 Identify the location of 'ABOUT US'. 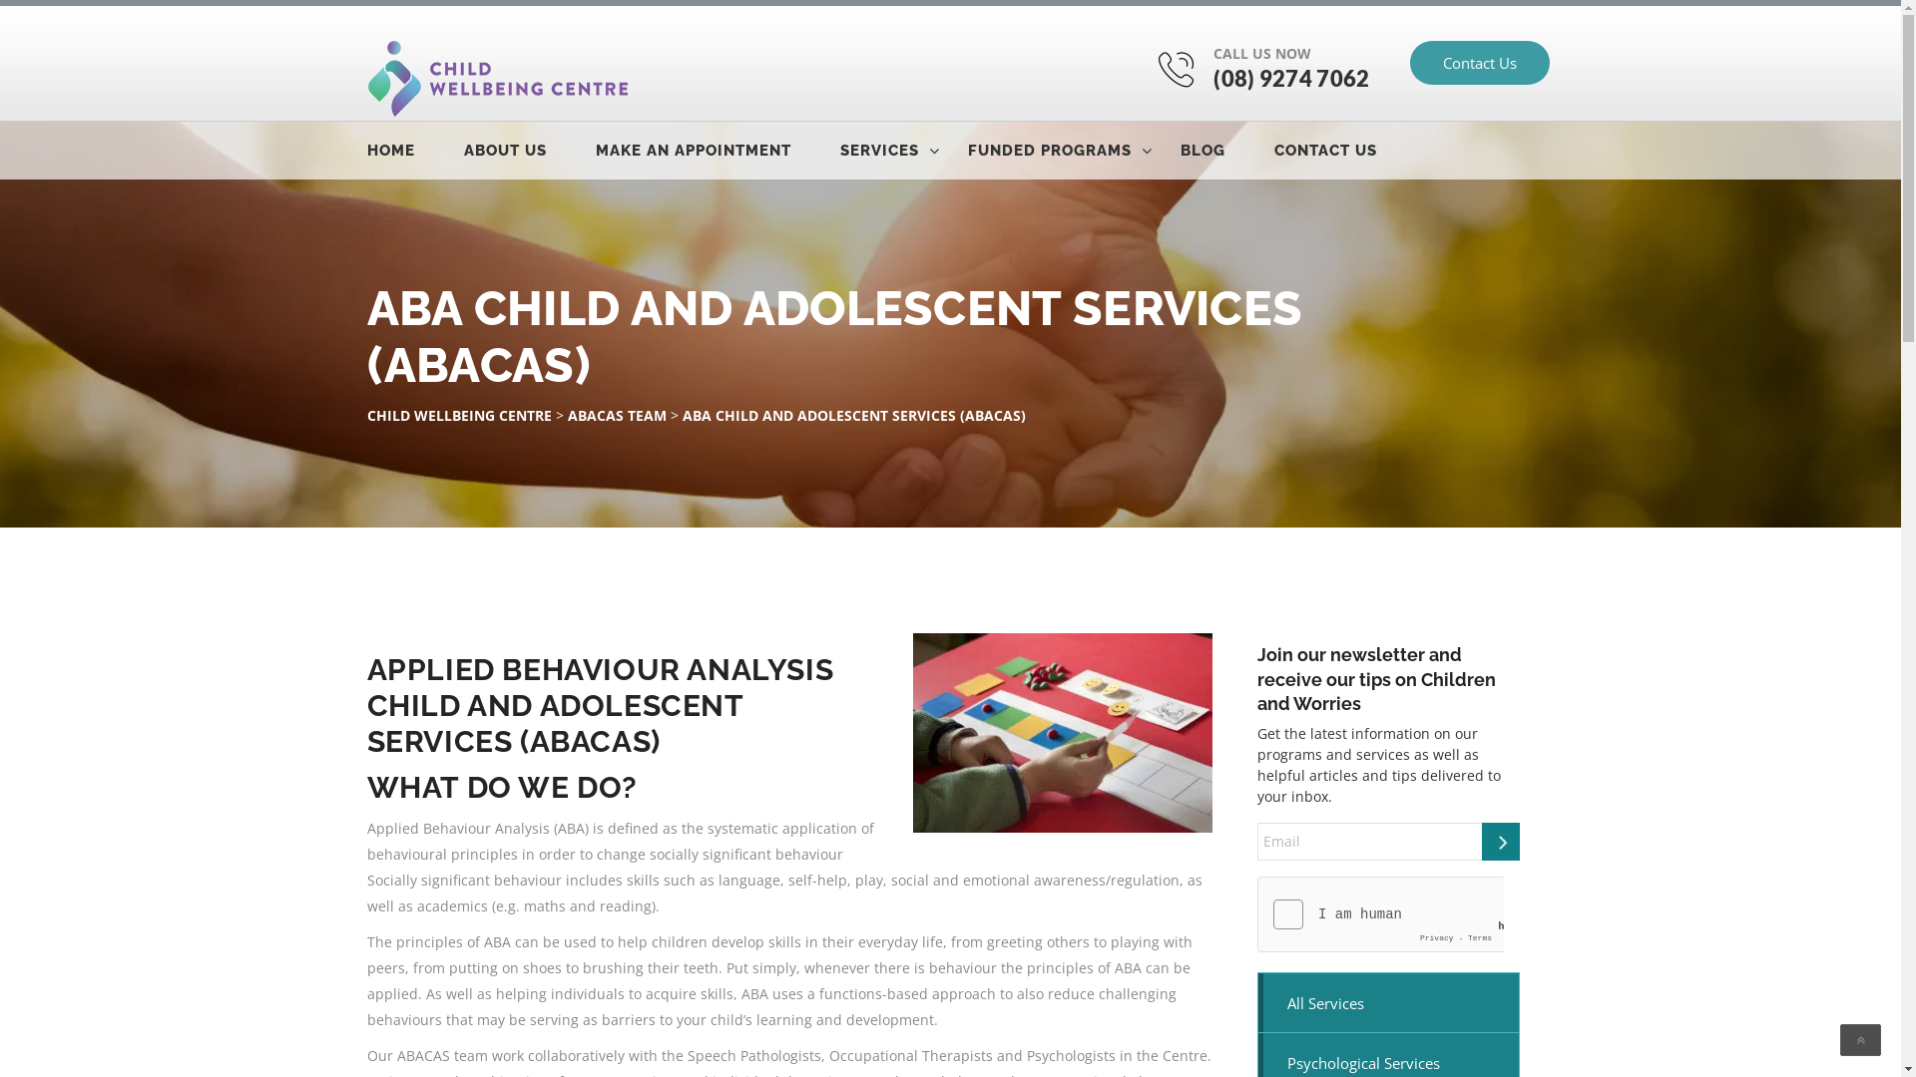
(527, 149).